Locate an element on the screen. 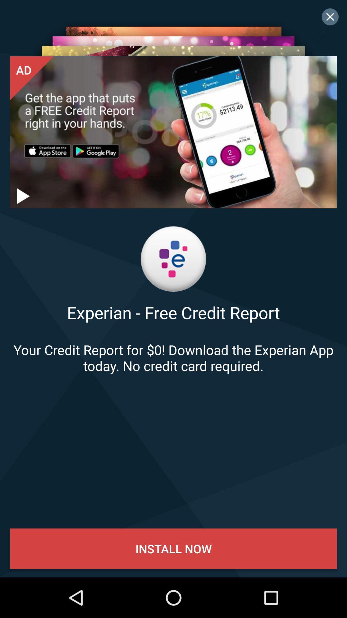 This screenshot has width=347, height=618. the popup advertisement is located at coordinates (330, 17).